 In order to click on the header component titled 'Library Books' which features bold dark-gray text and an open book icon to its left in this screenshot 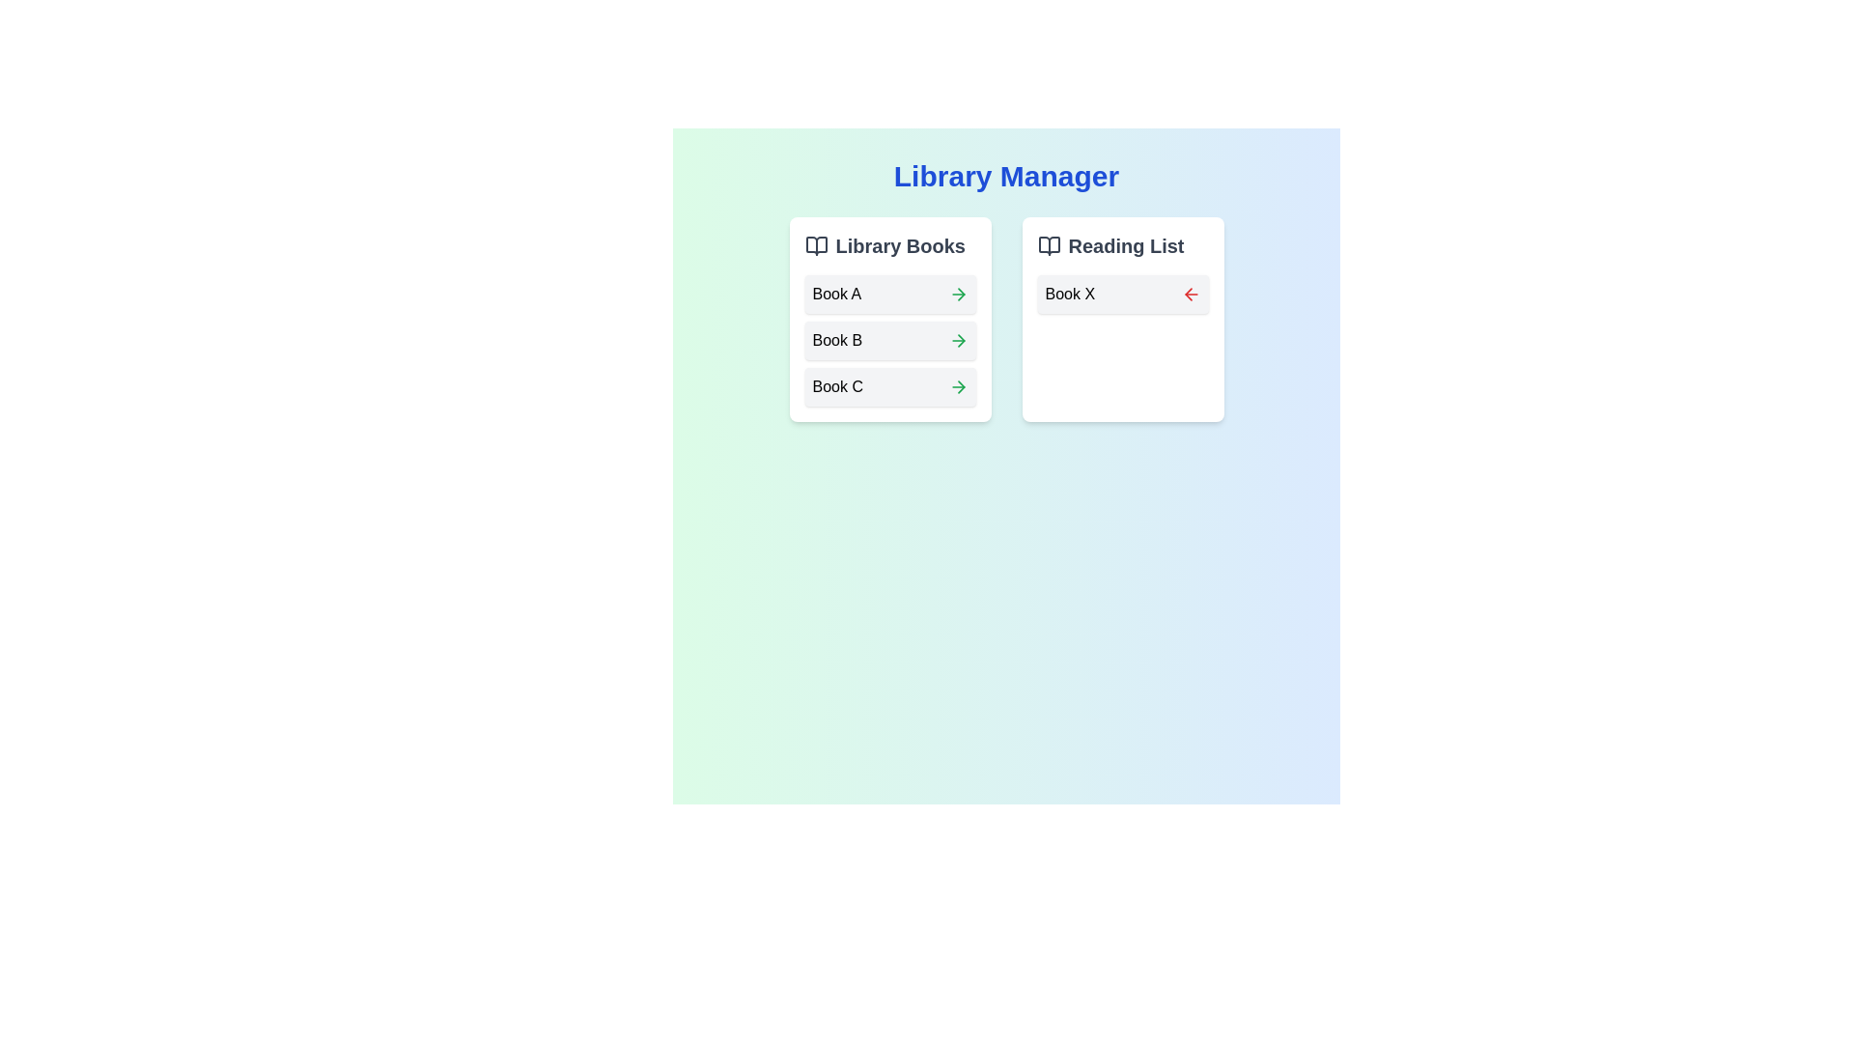, I will do `click(888, 244)`.